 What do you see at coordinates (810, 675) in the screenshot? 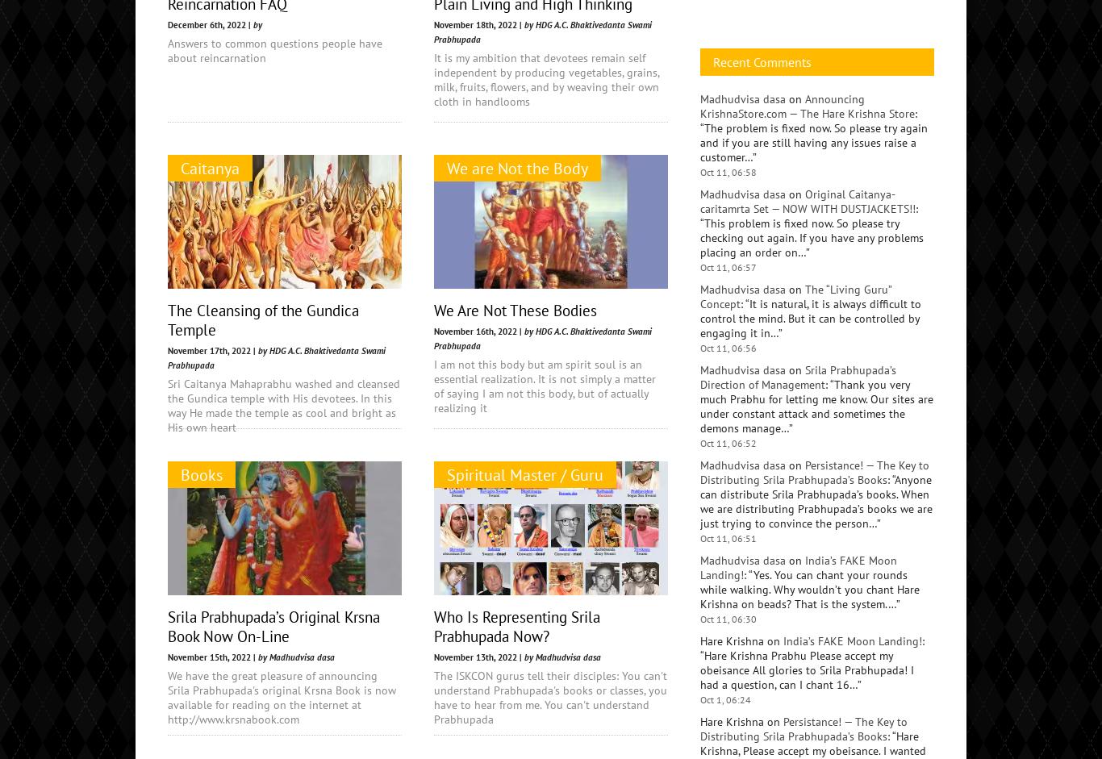
I see `'It is natural, it is always difficult to control the mind. But it can be controlled by engaging it in…'` at bounding box center [810, 675].